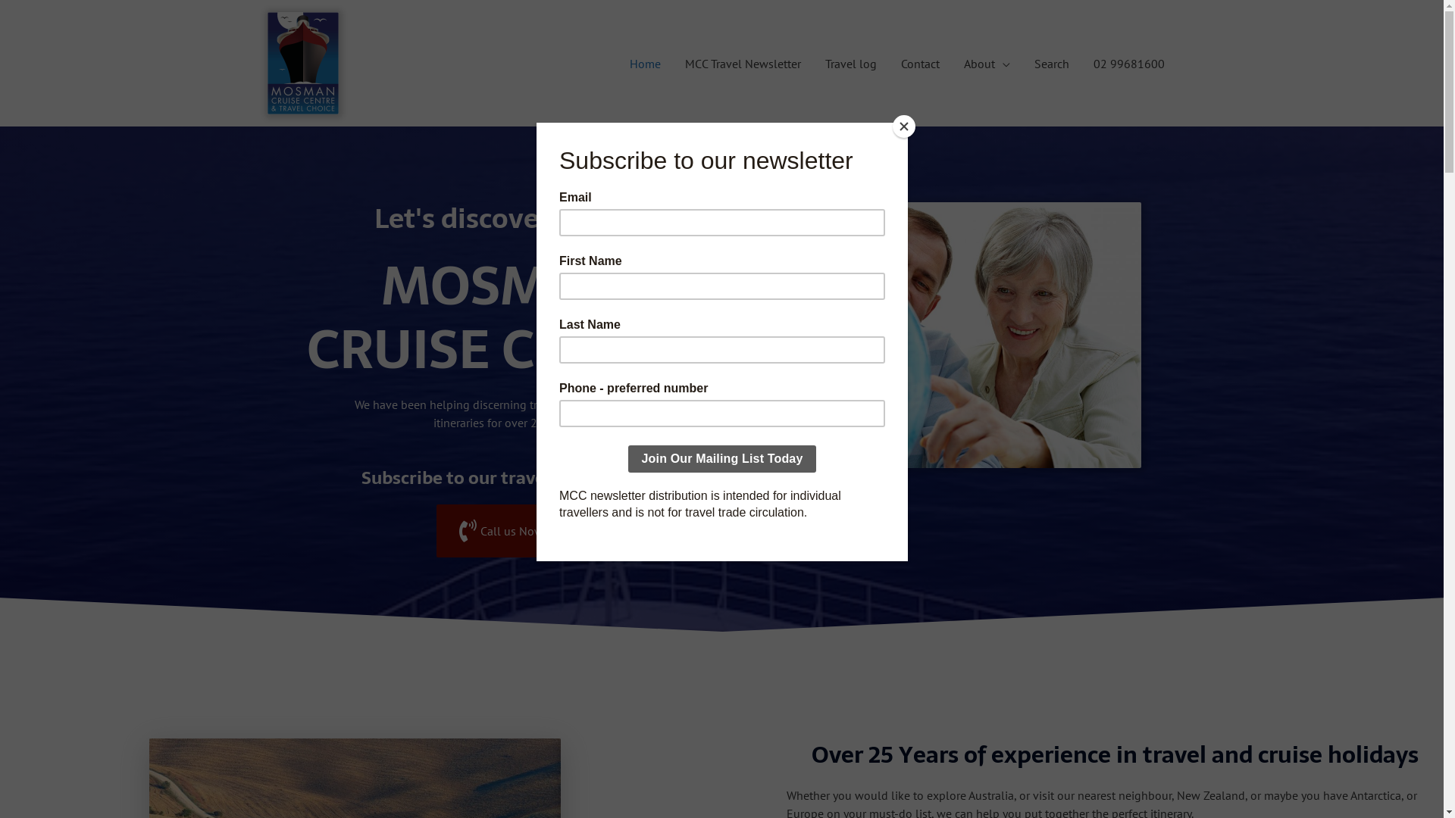  I want to click on '02 99681600', so click(1128, 62).